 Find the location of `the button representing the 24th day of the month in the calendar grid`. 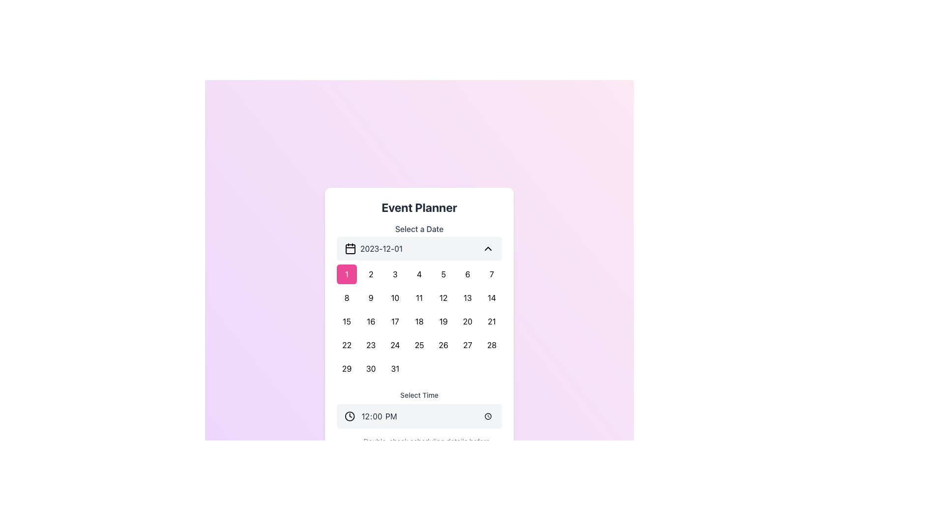

the button representing the 24th day of the month in the calendar grid is located at coordinates (395, 345).